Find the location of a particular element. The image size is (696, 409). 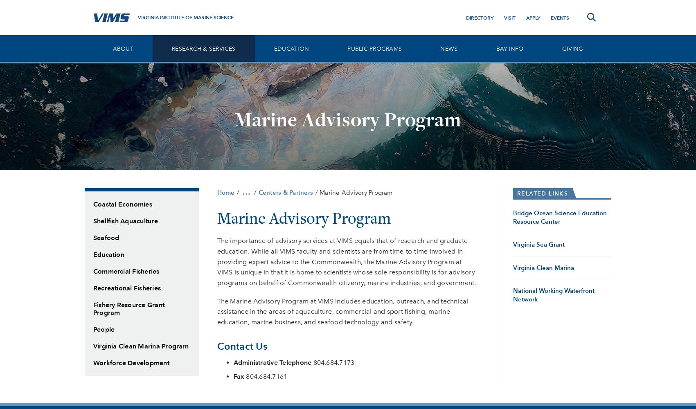

'Seafood' is located at coordinates (106, 237).